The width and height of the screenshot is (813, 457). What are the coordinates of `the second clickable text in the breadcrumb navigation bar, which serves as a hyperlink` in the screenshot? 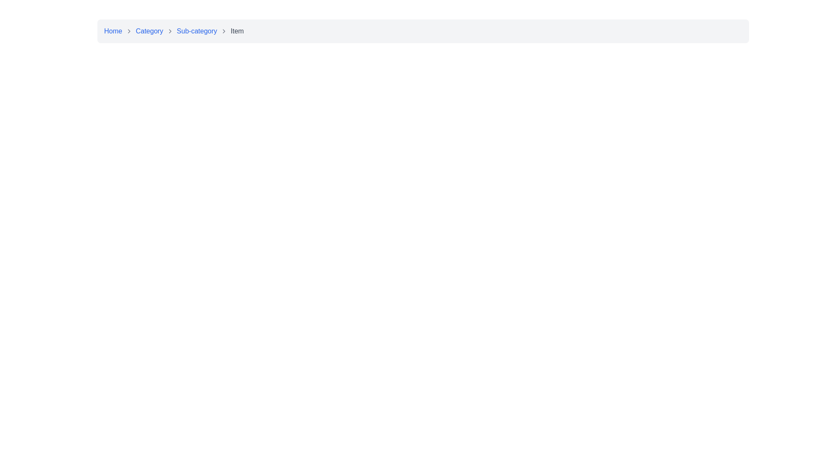 It's located at (149, 30).